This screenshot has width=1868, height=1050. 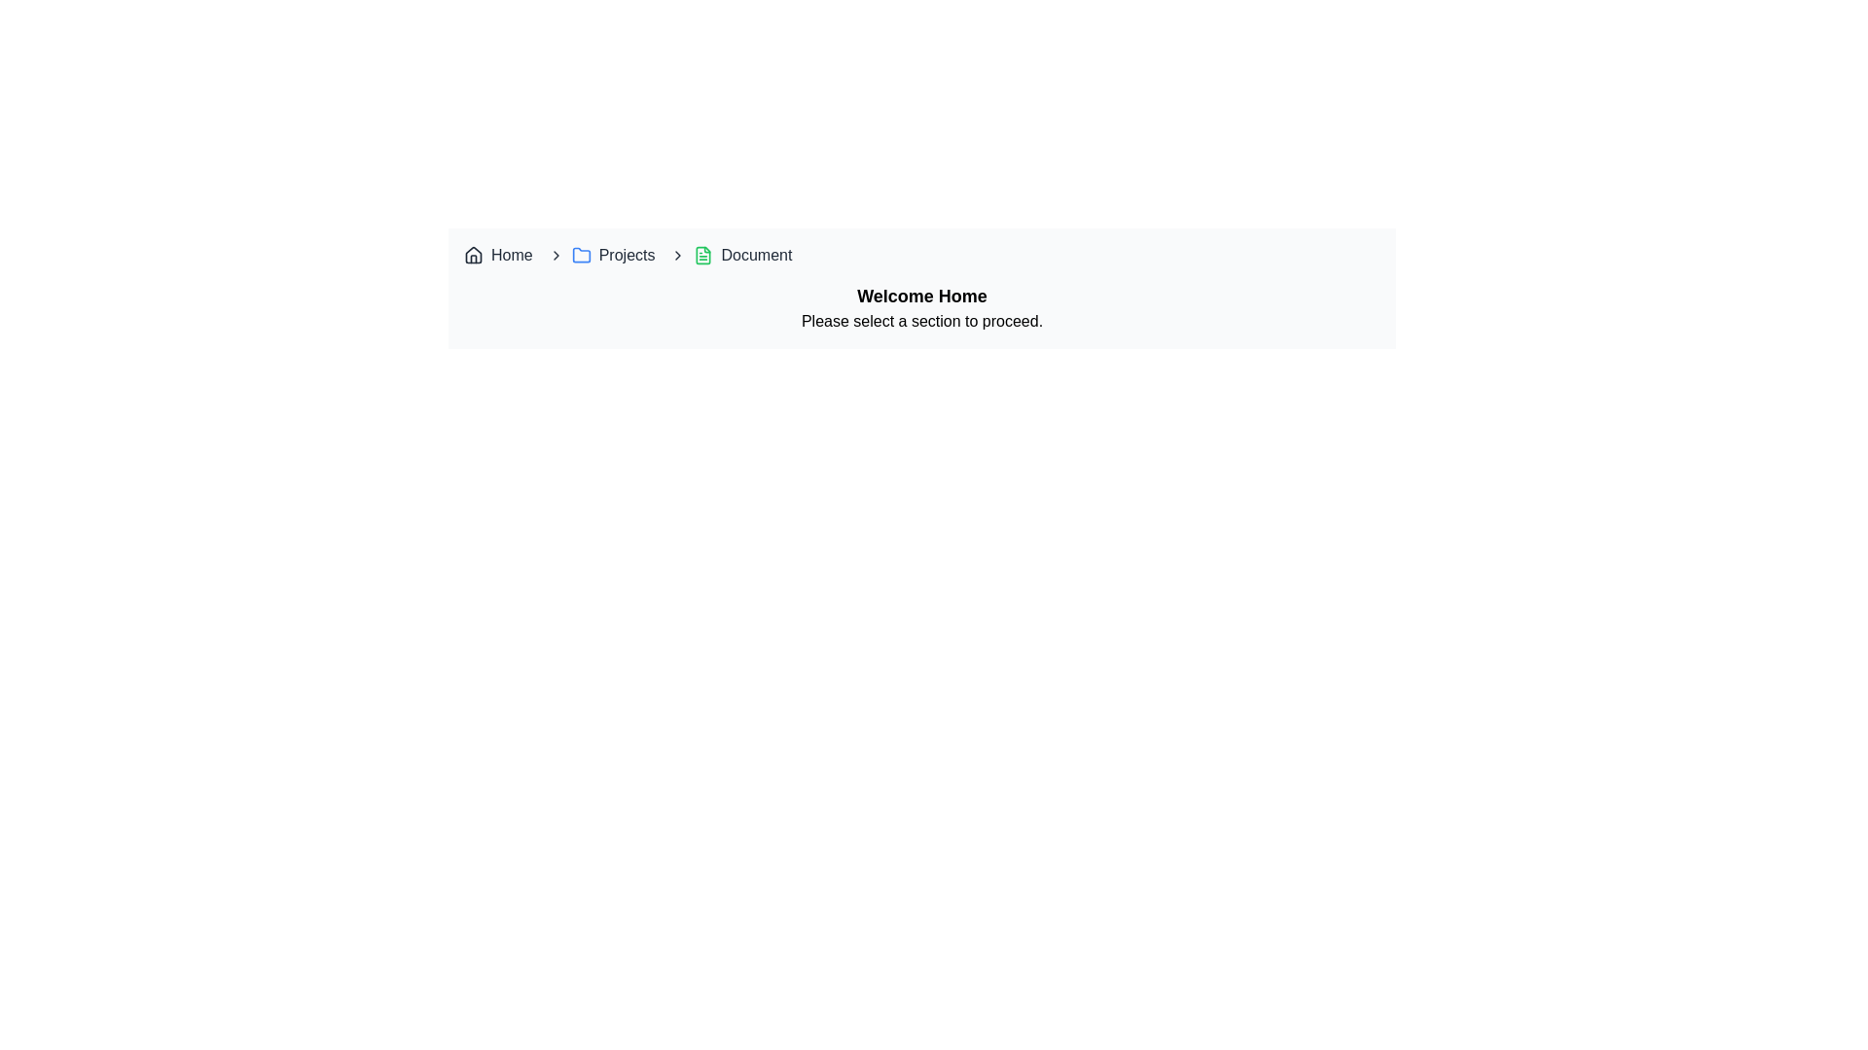 What do you see at coordinates (702, 254) in the screenshot?
I see `the green document icon located in the breadcrumb navigation bar, which is the sixth element and positioned to the left of the 'Document' text` at bounding box center [702, 254].